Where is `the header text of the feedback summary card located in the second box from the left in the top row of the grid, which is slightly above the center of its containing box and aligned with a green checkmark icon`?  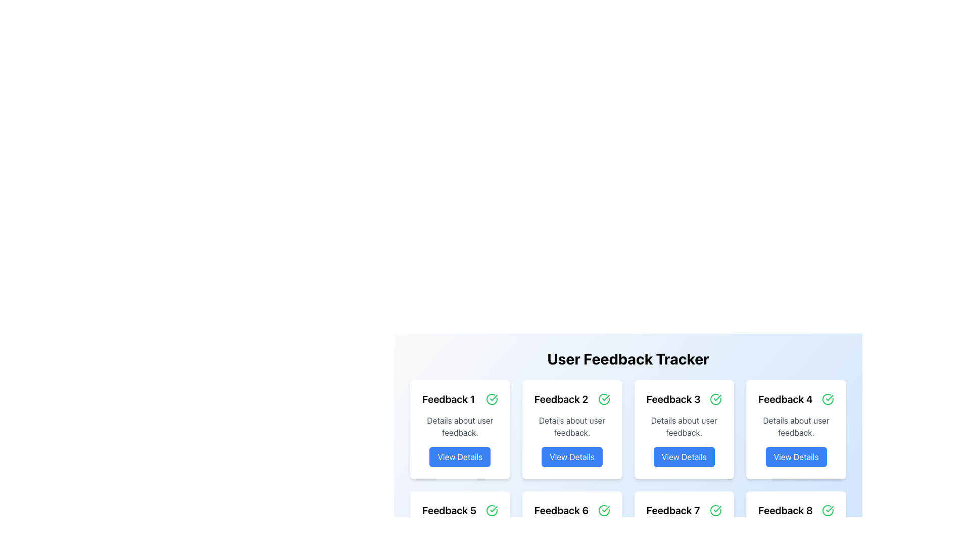 the header text of the feedback summary card located in the second box from the left in the top row of the grid, which is slightly above the center of its containing box and aligned with a green checkmark icon is located at coordinates (572, 399).